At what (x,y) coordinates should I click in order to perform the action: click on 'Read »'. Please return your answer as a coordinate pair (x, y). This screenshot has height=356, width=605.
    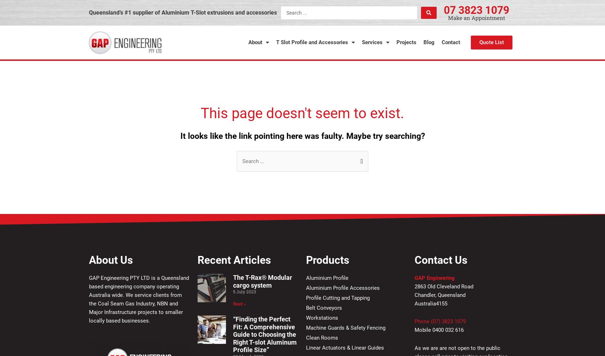
    Looking at the image, I should click on (232, 303).